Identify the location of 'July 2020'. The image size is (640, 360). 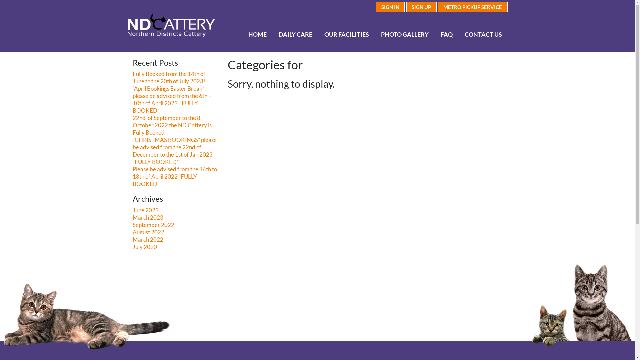
(133, 247).